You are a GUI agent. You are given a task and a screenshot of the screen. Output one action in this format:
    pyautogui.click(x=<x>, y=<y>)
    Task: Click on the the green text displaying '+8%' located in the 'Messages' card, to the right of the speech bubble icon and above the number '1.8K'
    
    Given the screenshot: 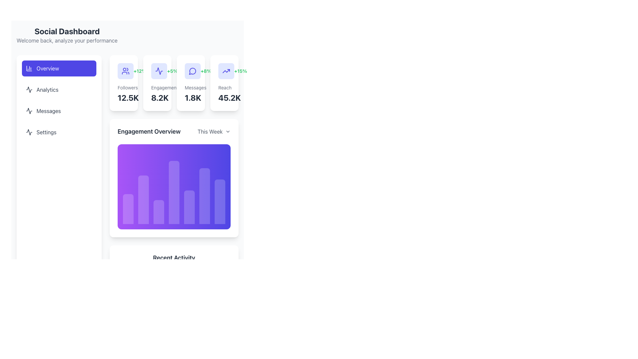 What is the action you would take?
    pyautogui.click(x=206, y=71)
    